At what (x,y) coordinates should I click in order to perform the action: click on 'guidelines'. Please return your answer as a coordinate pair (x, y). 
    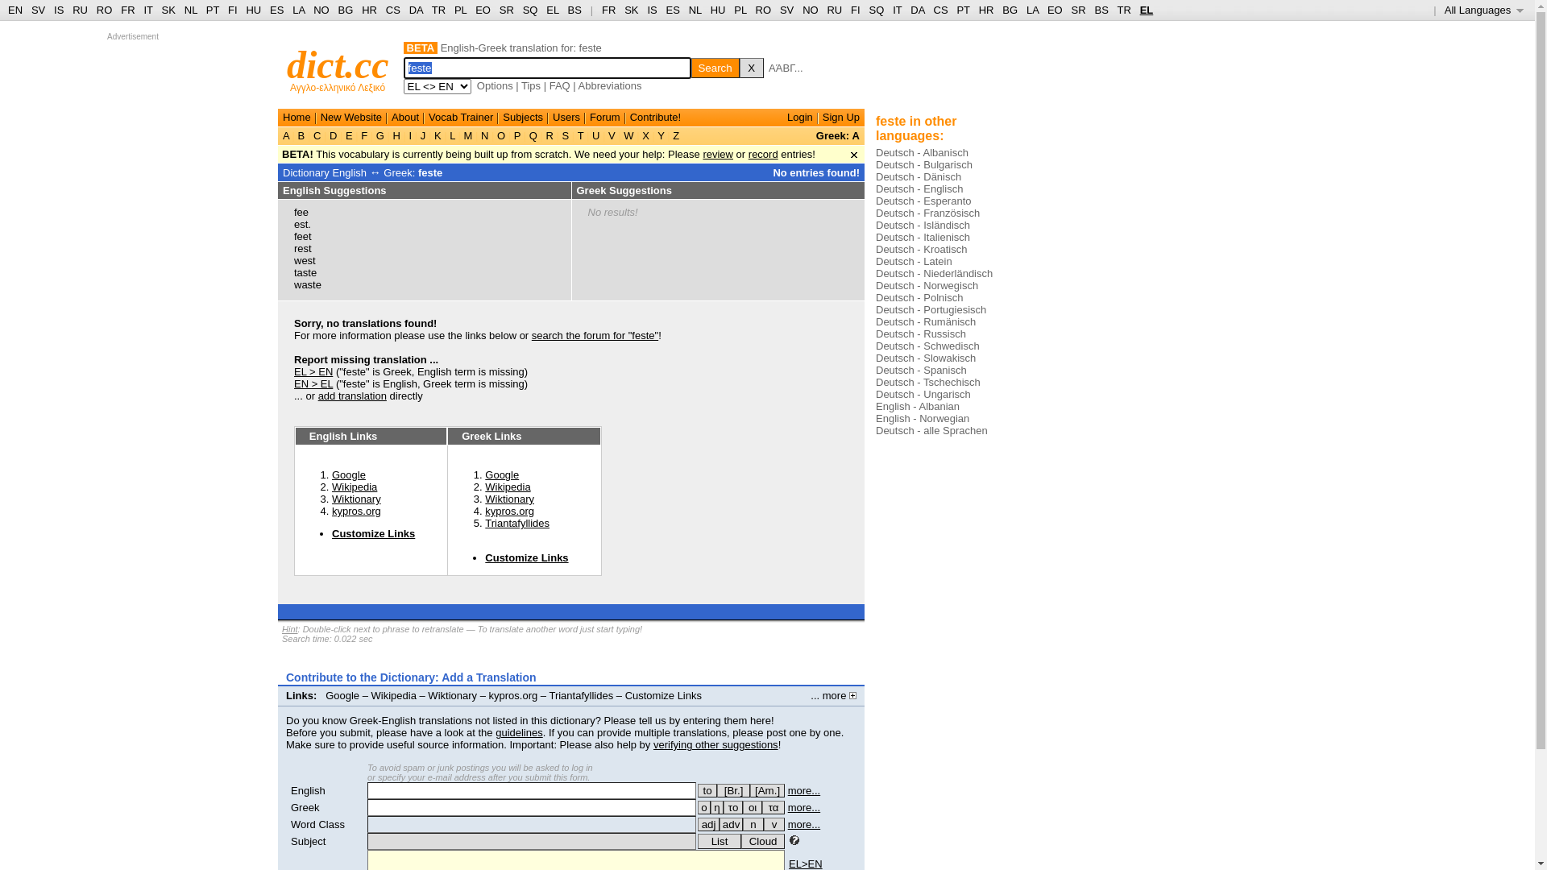
    Looking at the image, I should click on (519, 732).